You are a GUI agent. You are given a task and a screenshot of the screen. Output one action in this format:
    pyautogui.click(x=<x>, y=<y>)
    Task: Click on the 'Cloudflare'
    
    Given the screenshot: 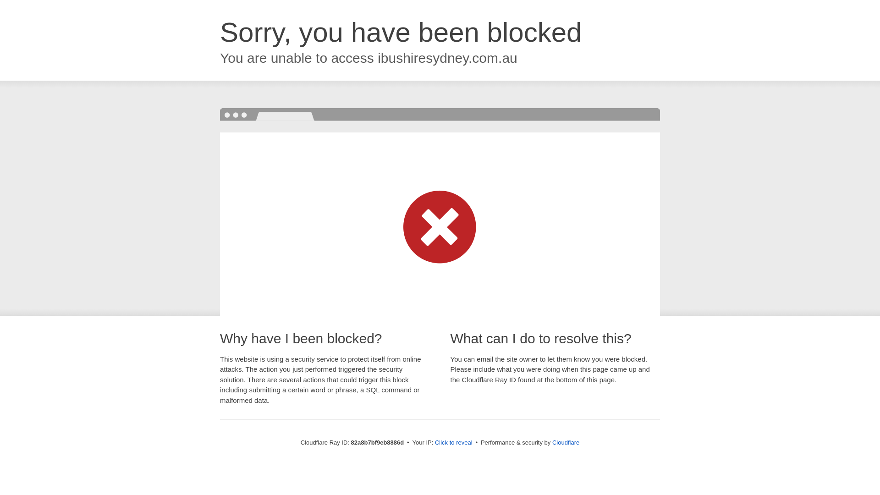 What is the action you would take?
    pyautogui.click(x=565, y=442)
    